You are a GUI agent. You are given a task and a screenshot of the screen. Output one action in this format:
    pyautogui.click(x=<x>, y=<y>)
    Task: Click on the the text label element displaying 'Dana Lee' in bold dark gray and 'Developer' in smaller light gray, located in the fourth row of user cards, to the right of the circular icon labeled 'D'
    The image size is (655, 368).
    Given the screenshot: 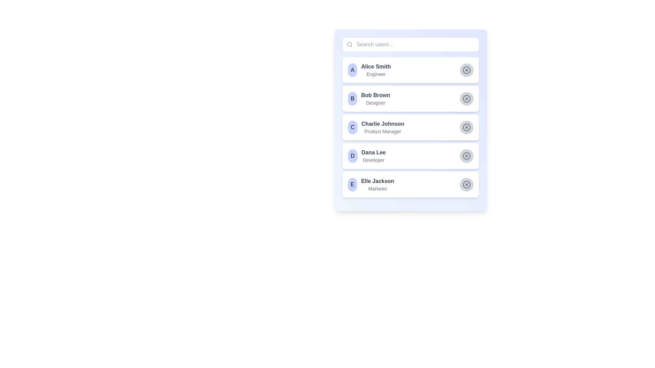 What is the action you would take?
    pyautogui.click(x=373, y=156)
    